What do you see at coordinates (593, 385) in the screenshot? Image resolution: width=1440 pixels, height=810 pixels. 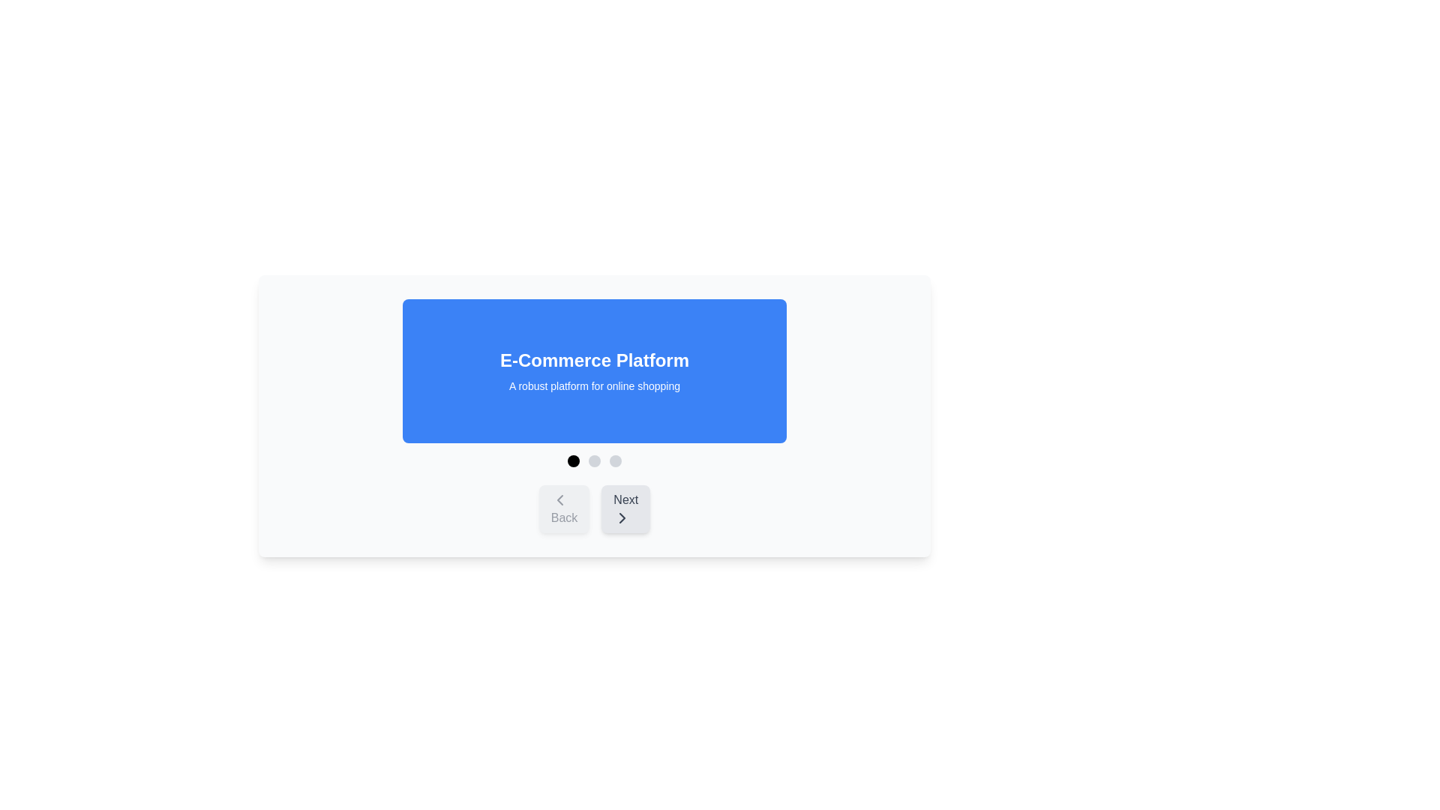 I see `the text element that reads 'A robust platform for online shopping,' which is styled with a smaller font size and is located centered below the title 'E-Commerce Platform' within a blue card-like section` at bounding box center [593, 385].